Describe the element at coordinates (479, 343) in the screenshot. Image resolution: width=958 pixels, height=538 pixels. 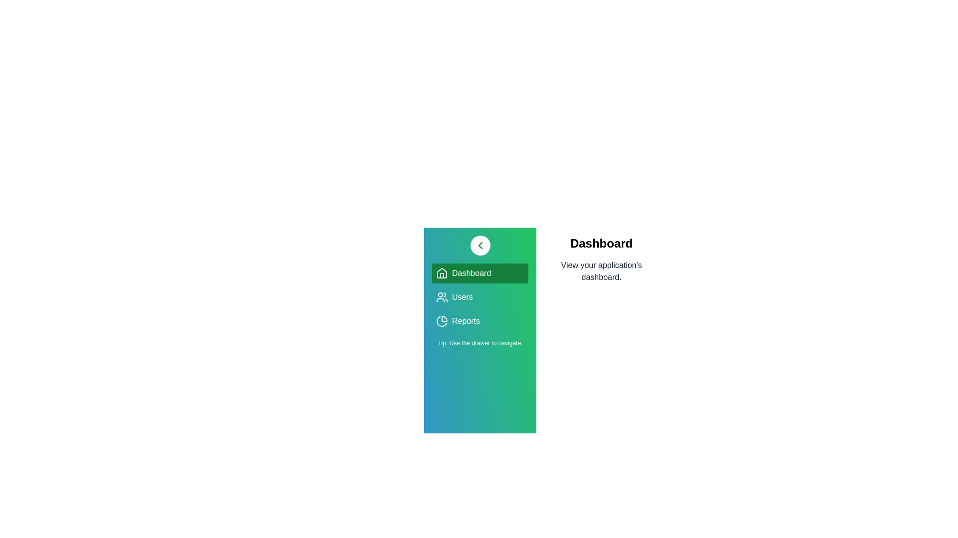
I see `the informational tip text to interact with it` at that location.